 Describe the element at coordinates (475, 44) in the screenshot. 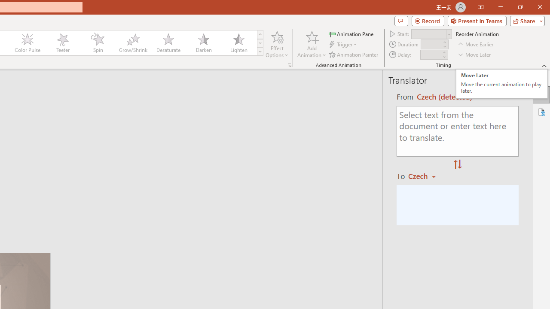

I see `'Move Earlier'` at that location.